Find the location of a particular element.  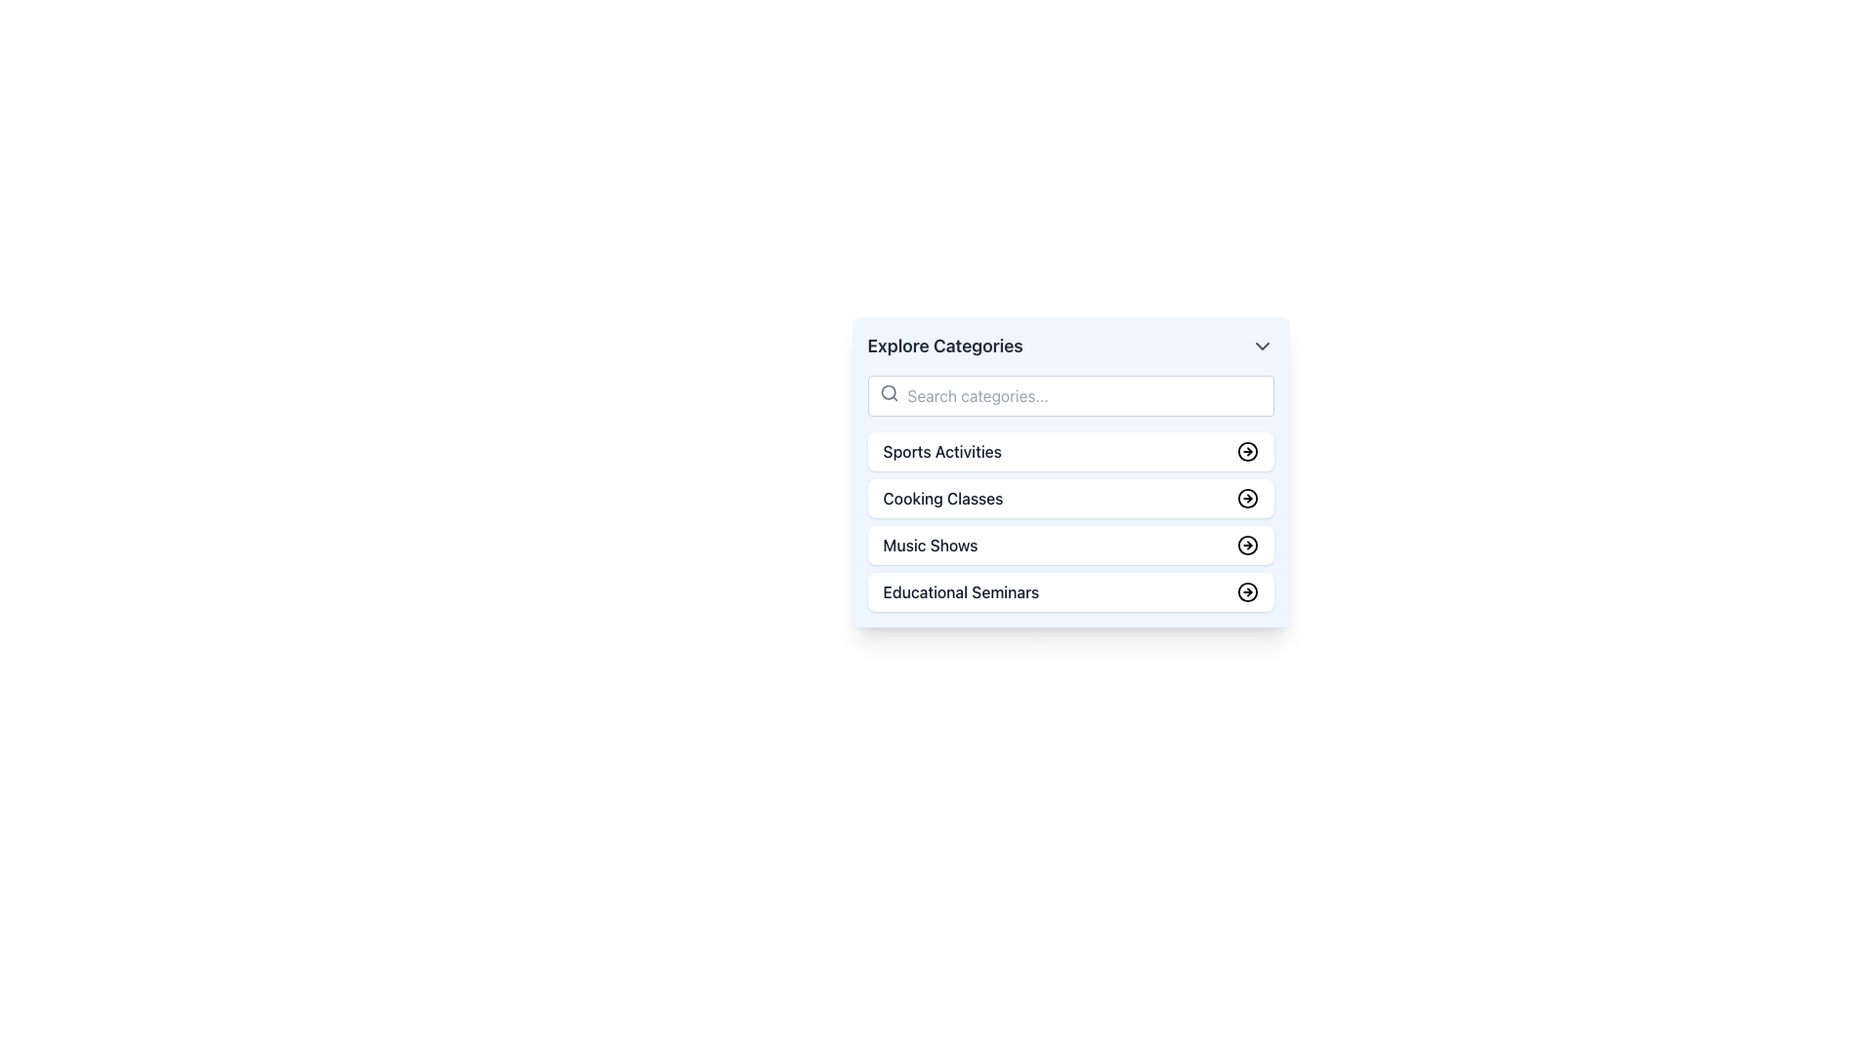

the search indicator icon located inside the top input field of the 'Explore Categories' section is located at coordinates (888, 392).